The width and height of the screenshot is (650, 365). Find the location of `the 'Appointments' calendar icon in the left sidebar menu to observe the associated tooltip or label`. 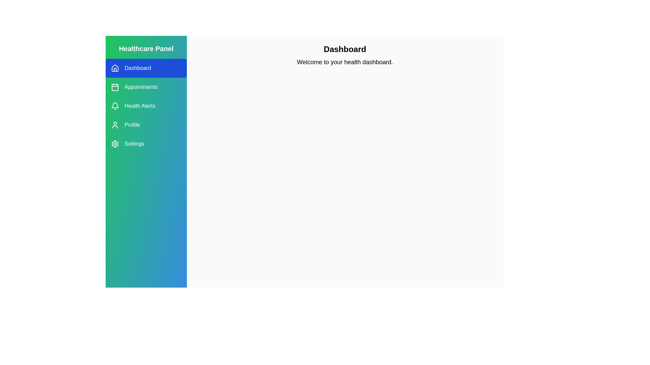

the 'Appointments' calendar icon in the left sidebar menu to observe the associated tooltip or label is located at coordinates (115, 87).